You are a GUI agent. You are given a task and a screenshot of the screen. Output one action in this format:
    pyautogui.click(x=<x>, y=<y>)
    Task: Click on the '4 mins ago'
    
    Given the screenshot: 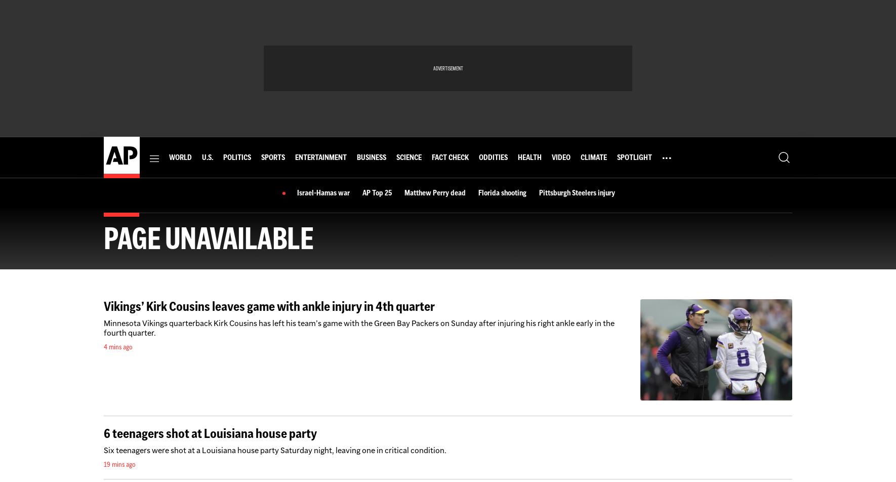 What is the action you would take?
    pyautogui.click(x=118, y=346)
    